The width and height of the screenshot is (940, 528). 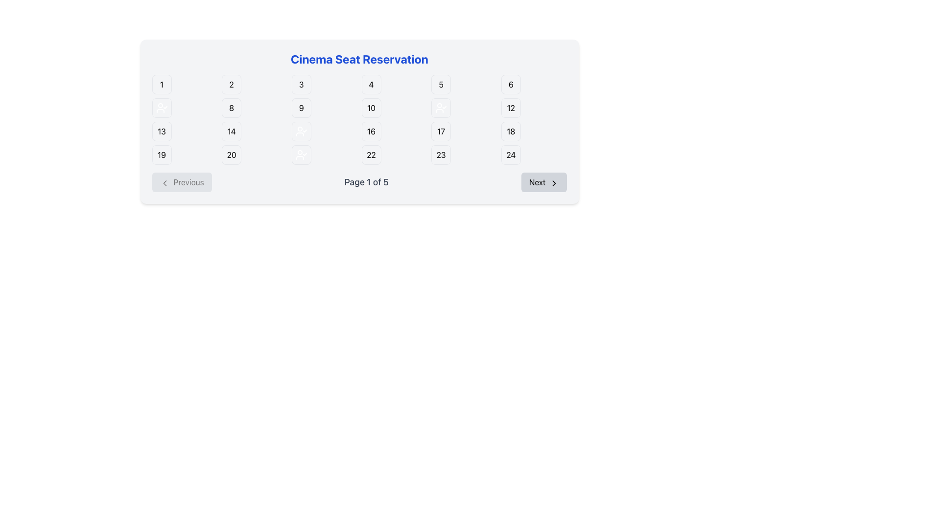 I want to click on the 'Previous' button, which is a rectangular button with a light gray background and a left-facing chevron icon, so click(x=182, y=182).